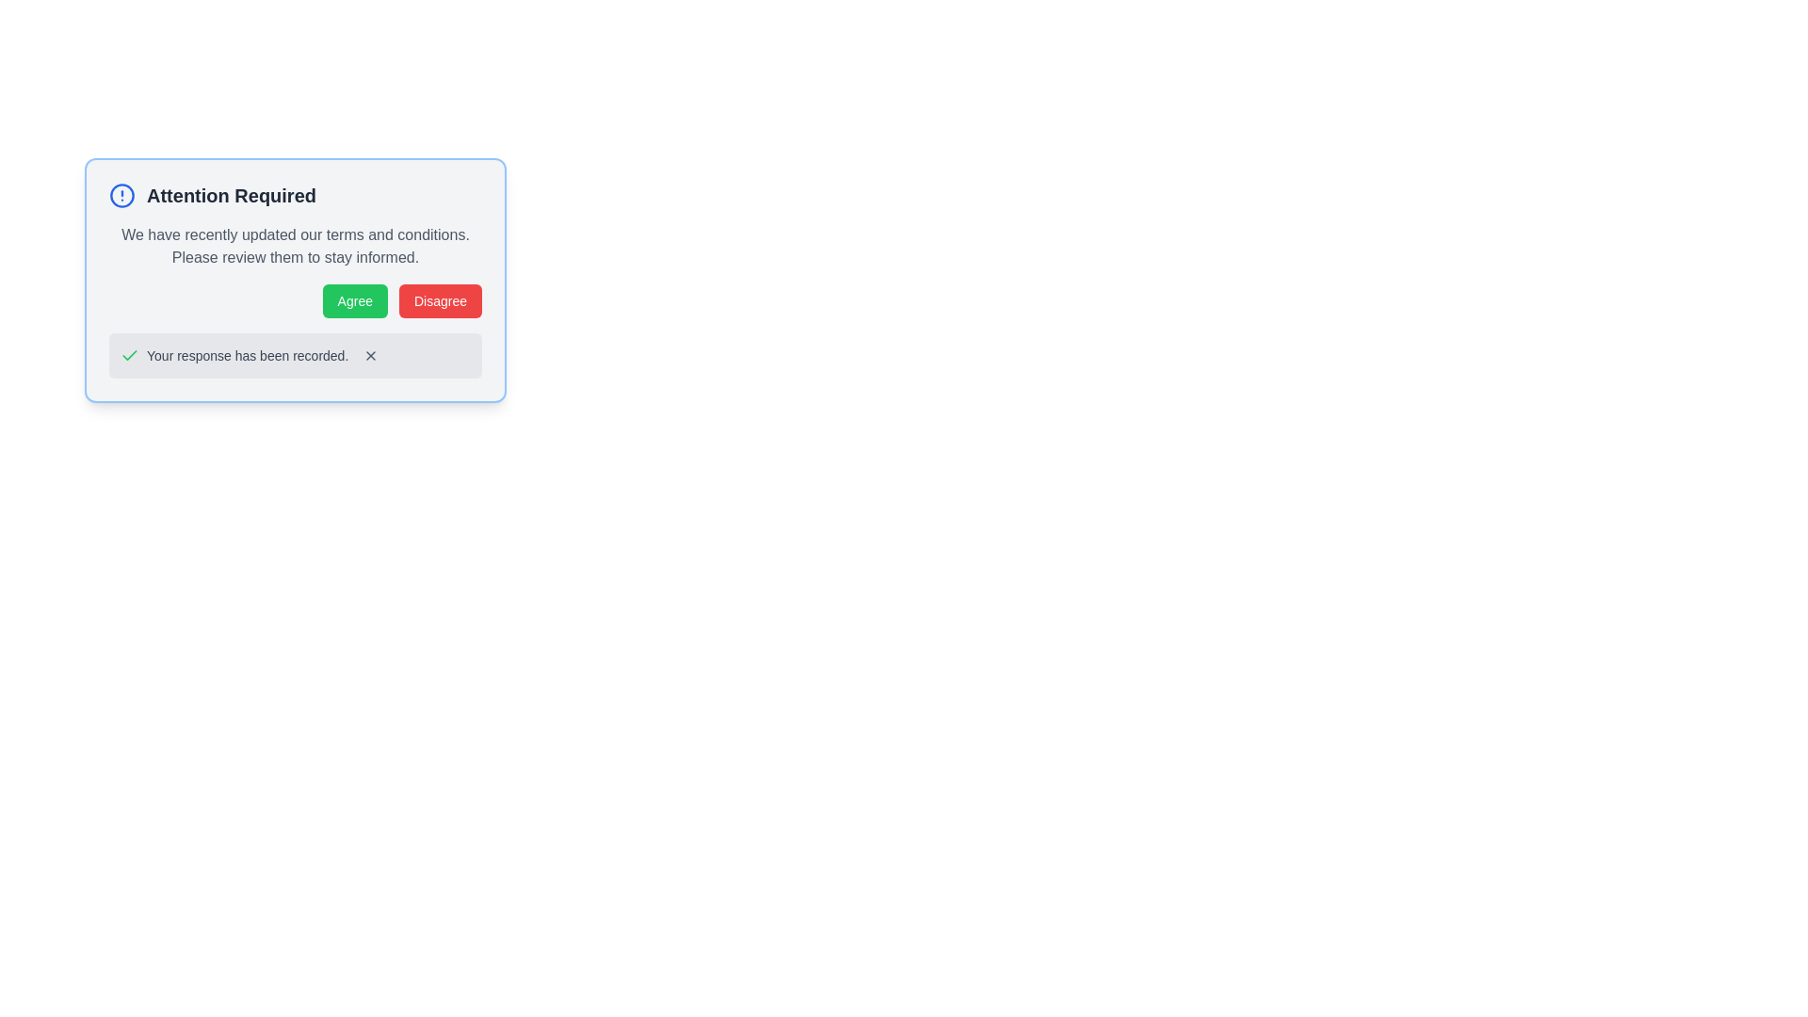 The height and width of the screenshot is (1017, 1808). Describe the element at coordinates (355, 300) in the screenshot. I see `the 'Agree' button, which is a green rectangular button with rounded corners and white text located in the bottom right portion of a modal window` at that location.